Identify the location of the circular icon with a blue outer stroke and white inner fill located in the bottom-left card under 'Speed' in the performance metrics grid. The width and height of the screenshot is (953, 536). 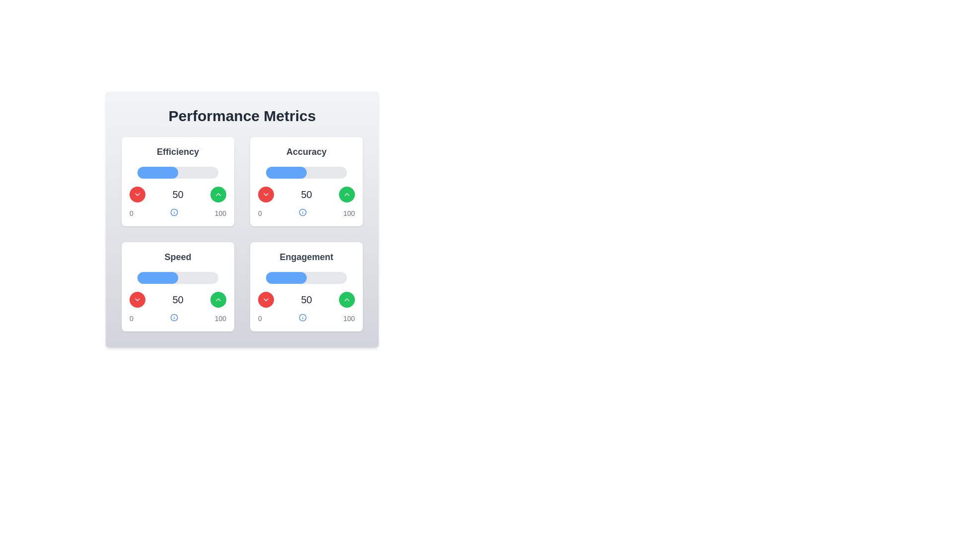
(174, 318).